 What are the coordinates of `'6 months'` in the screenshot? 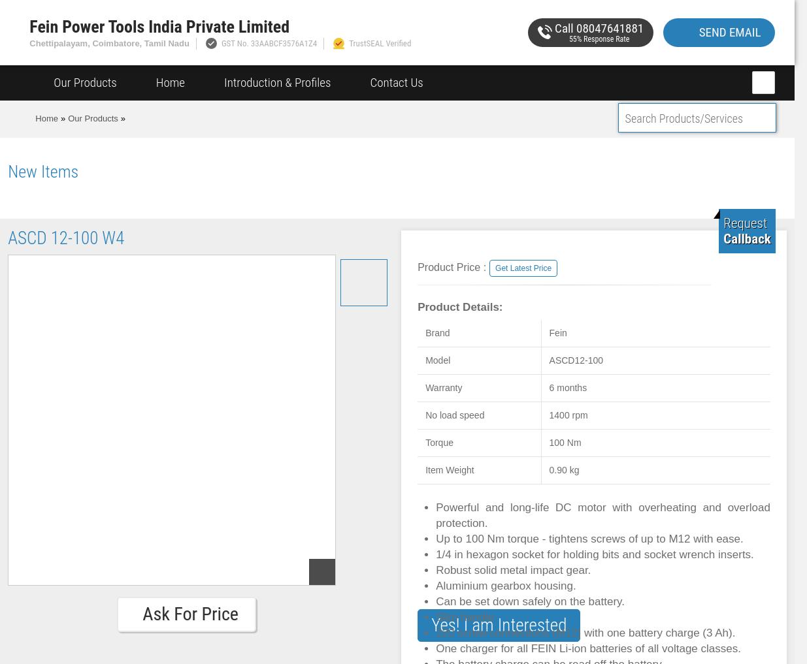 It's located at (567, 387).